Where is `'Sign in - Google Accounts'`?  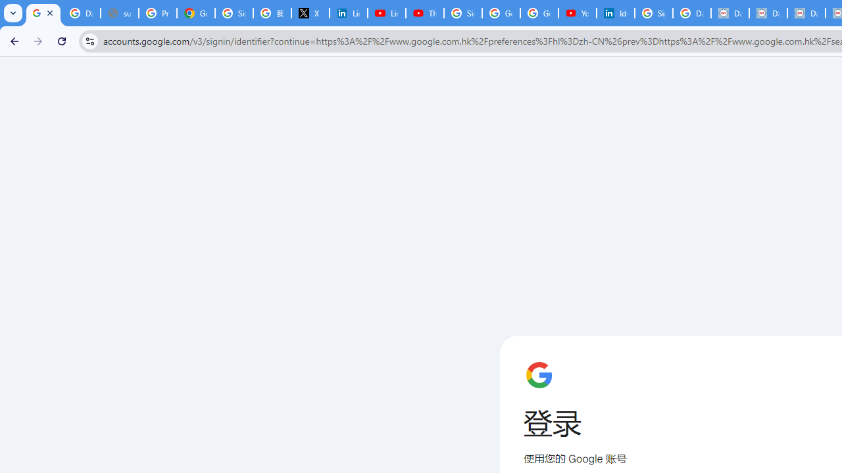
'Sign in - Google Accounts' is located at coordinates (463, 13).